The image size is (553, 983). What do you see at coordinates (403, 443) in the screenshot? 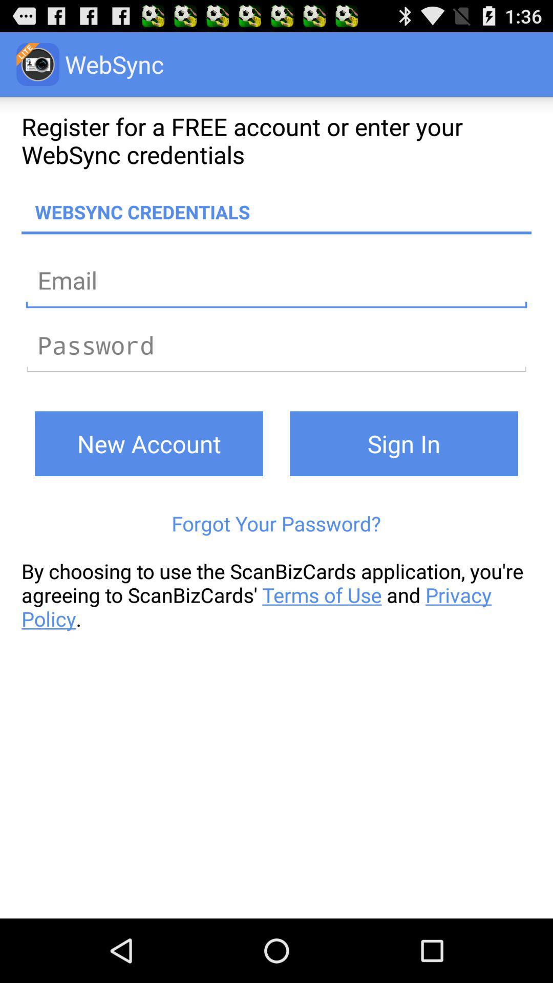
I see `sign in on the right` at bounding box center [403, 443].